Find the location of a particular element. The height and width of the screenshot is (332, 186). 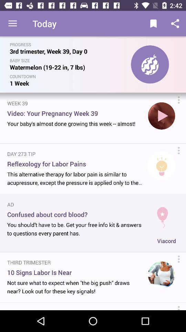

the icon to the right of the you should t is located at coordinates (166, 241).